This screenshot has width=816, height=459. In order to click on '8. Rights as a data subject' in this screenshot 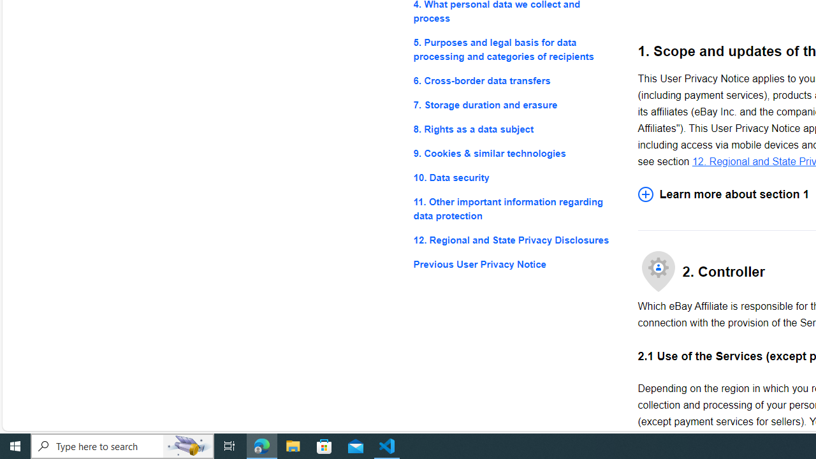, I will do `click(515, 129)`.